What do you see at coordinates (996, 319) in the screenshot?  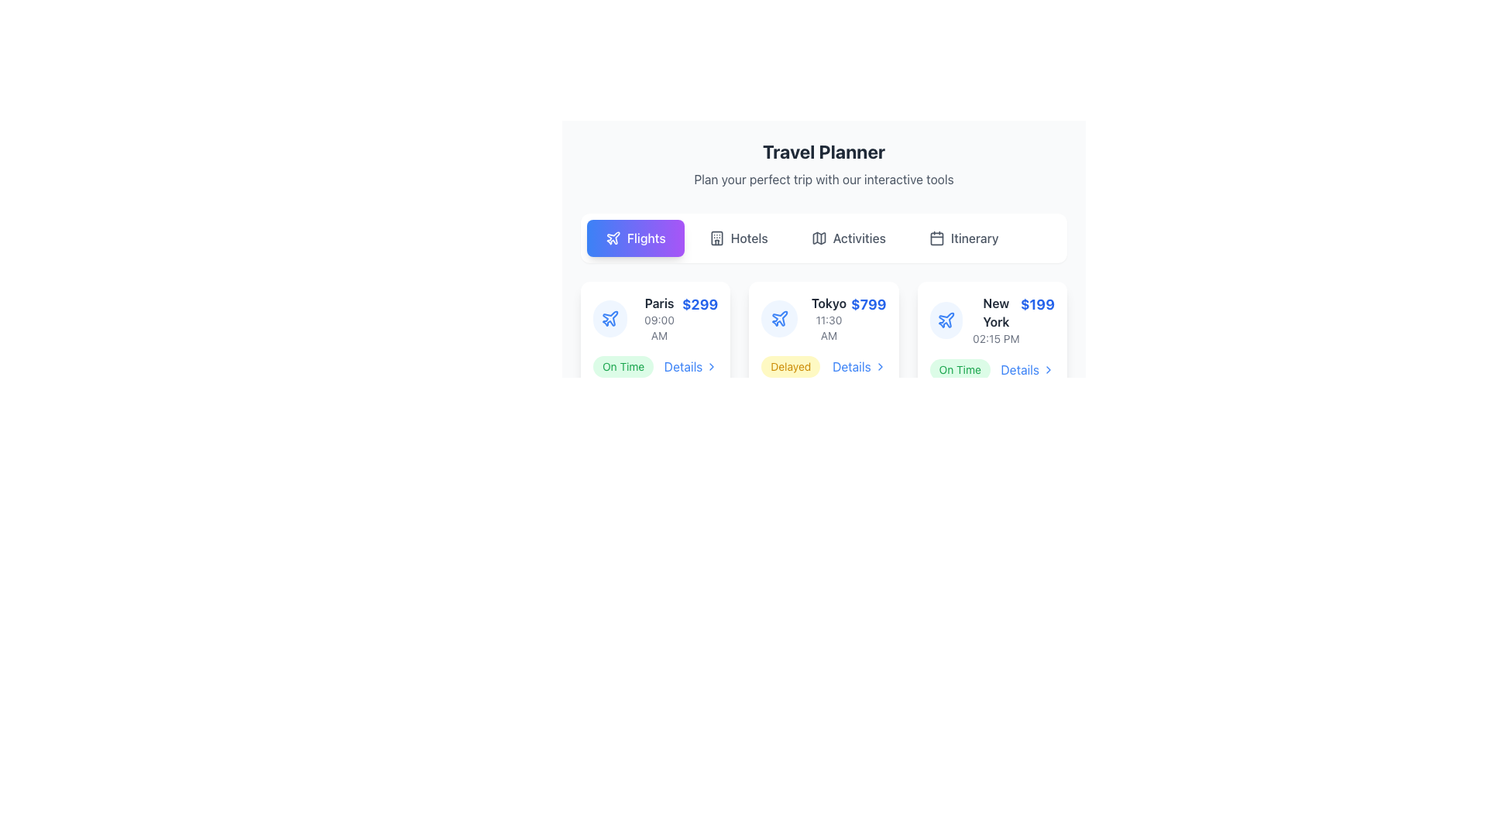 I see `the Text Display that shows 'New York' in bold and '02:15 PM' in smaller text, located at the top-right of the flight details card` at bounding box center [996, 319].